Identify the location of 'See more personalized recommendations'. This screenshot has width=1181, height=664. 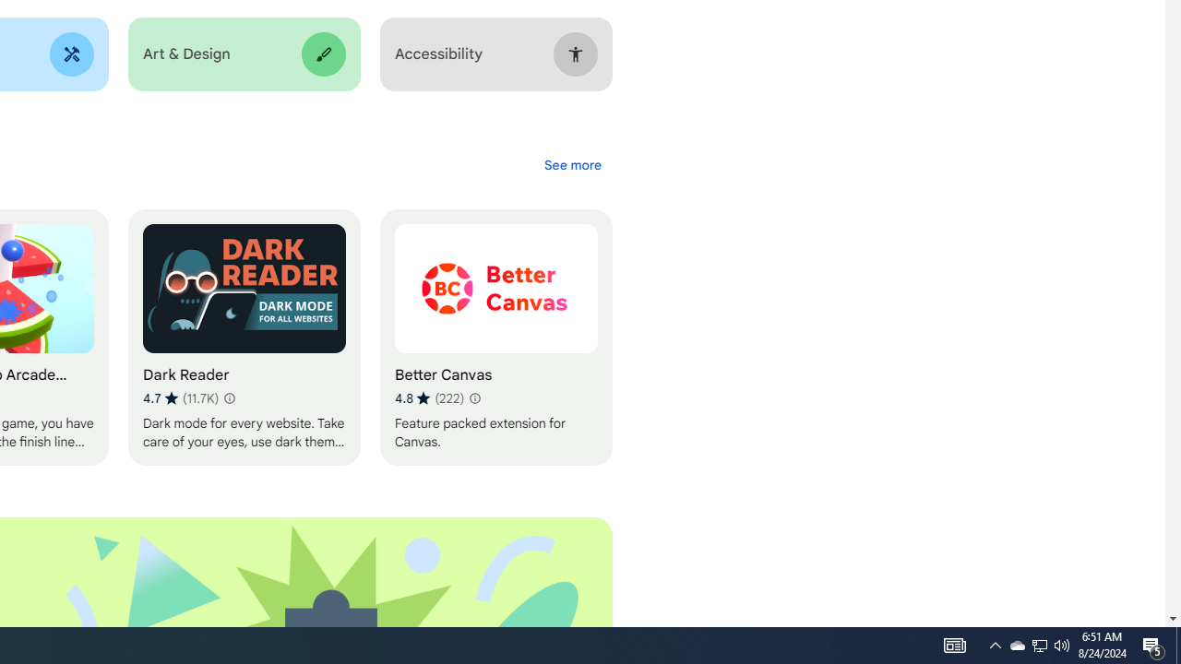
(571, 164).